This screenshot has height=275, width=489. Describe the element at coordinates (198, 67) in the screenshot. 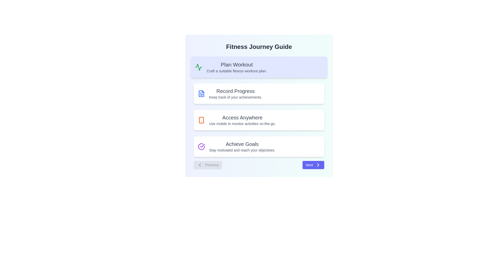

I see `the green activity icon with a wavy line design, located to the left of the 'Plan Workout' text block` at that location.